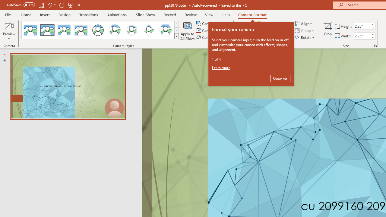 The width and height of the screenshot is (386, 217). Describe the element at coordinates (115, 30) in the screenshot. I see `'Center Shadow Circle'` at that location.